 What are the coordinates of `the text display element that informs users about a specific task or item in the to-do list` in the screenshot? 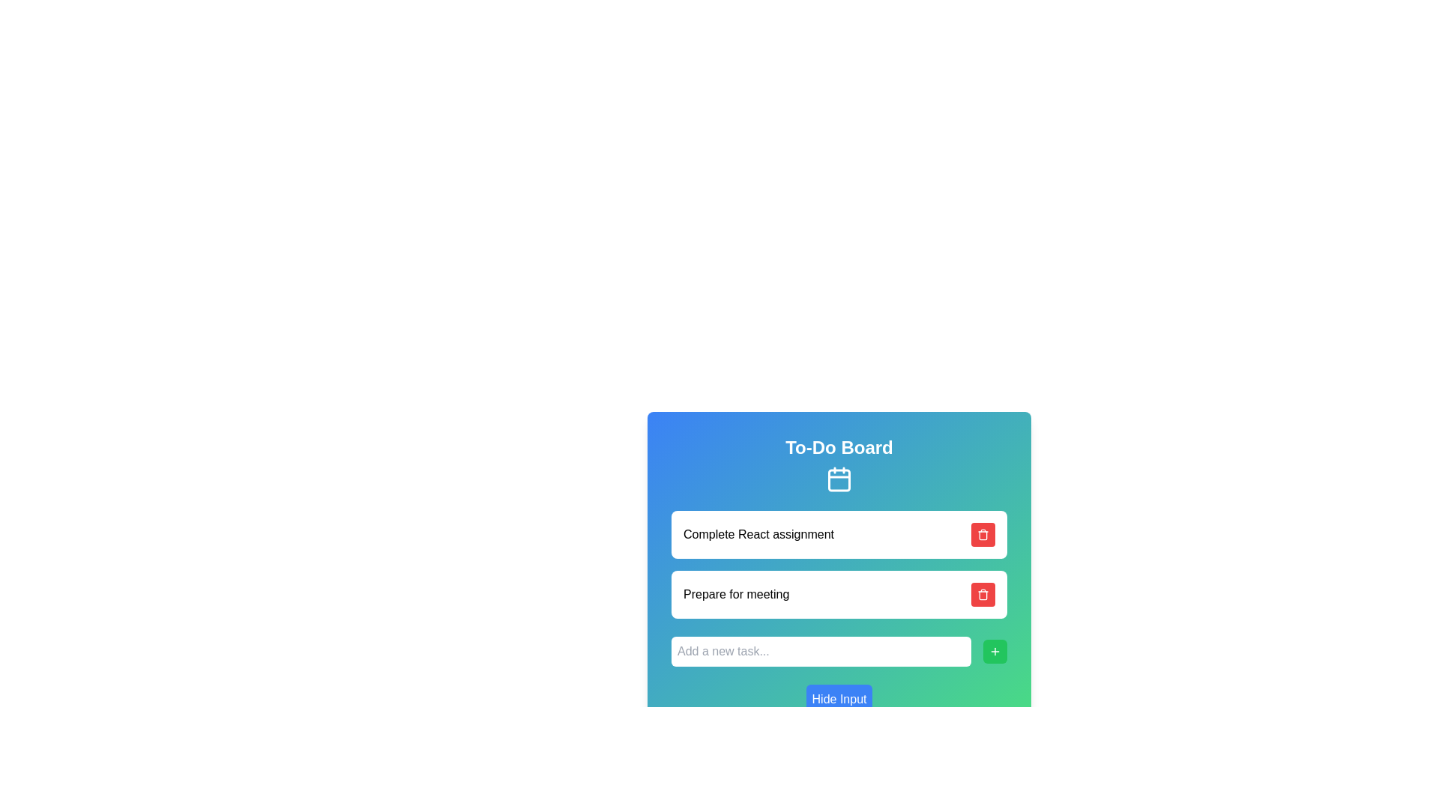 It's located at (736, 594).